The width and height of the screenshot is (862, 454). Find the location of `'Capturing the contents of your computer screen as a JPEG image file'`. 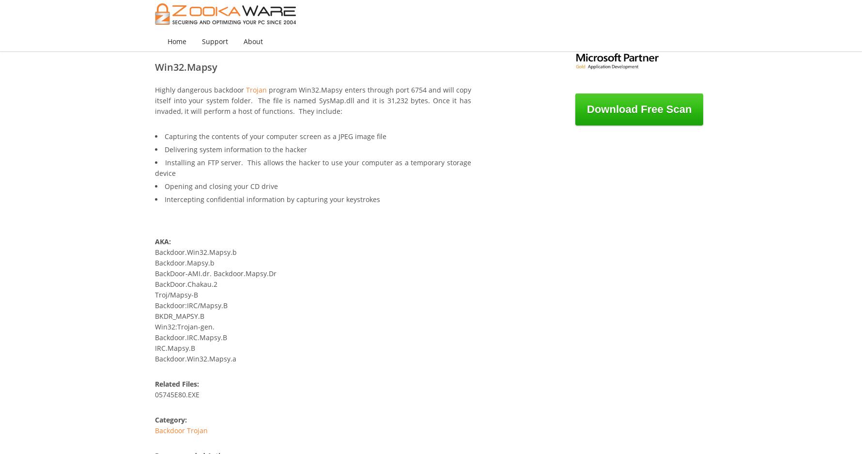

'Capturing the contents of your computer screen as a JPEG image file' is located at coordinates (275, 136).